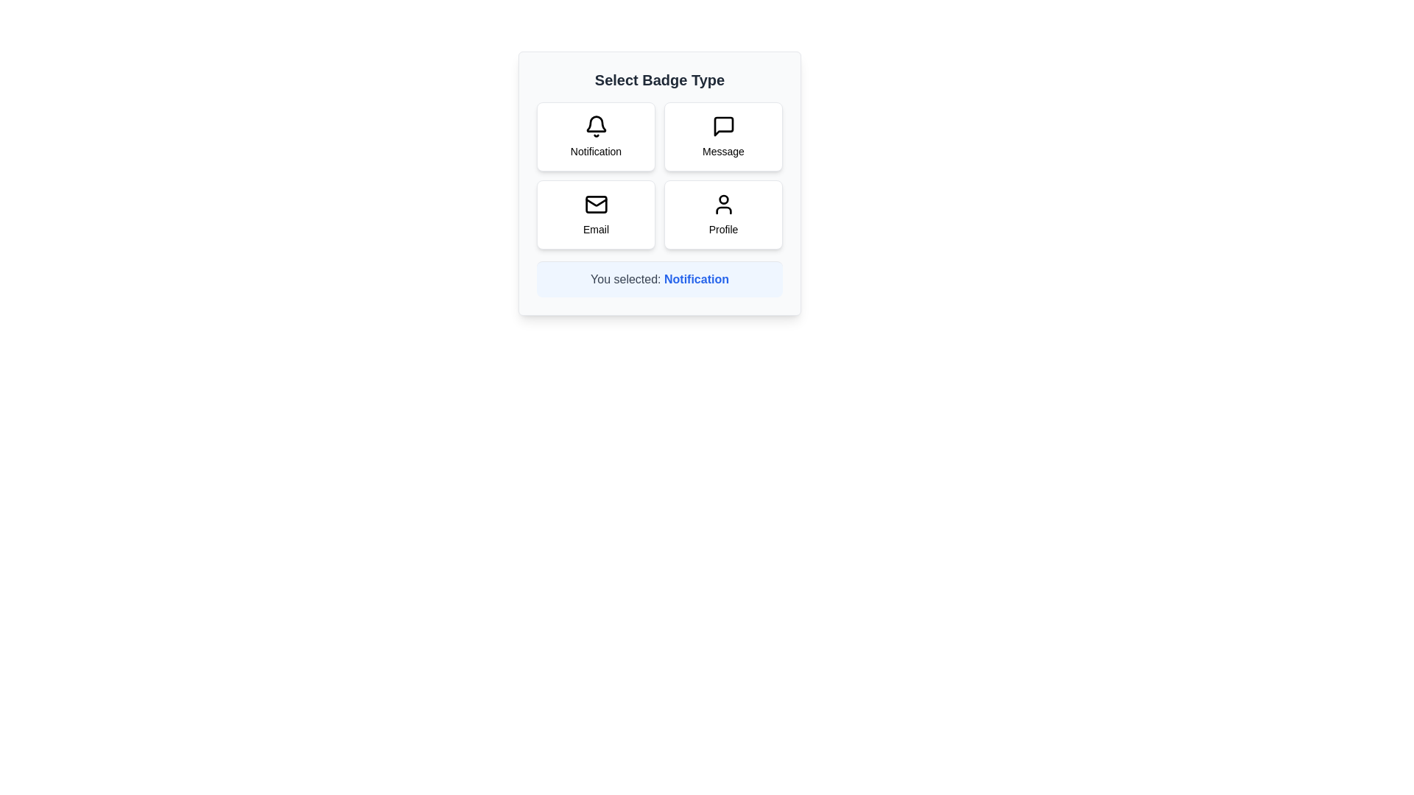  What do you see at coordinates (596, 136) in the screenshot?
I see `the badge button labeled Notification to select it` at bounding box center [596, 136].